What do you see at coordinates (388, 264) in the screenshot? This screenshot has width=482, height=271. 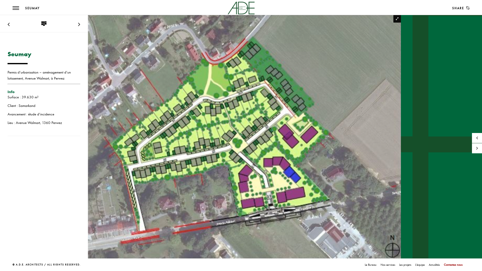 I see `'Nos services'` at bounding box center [388, 264].